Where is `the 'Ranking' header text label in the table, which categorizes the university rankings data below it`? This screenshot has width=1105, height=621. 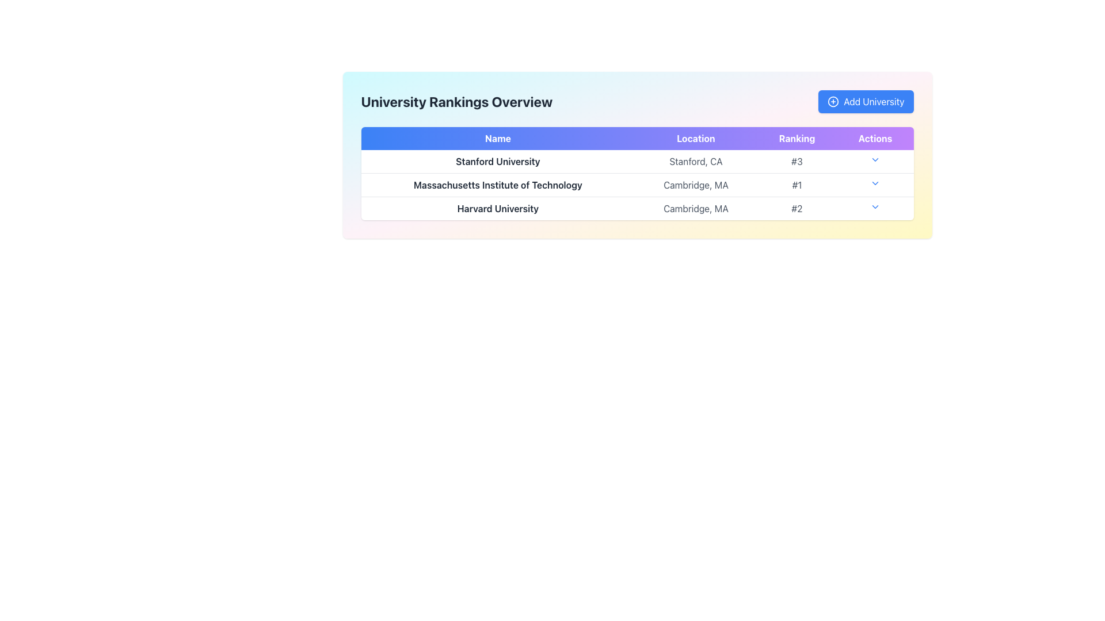
the 'Ranking' header text label in the table, which categorizes the university rankings data below it is located at coordinates (797, 137).